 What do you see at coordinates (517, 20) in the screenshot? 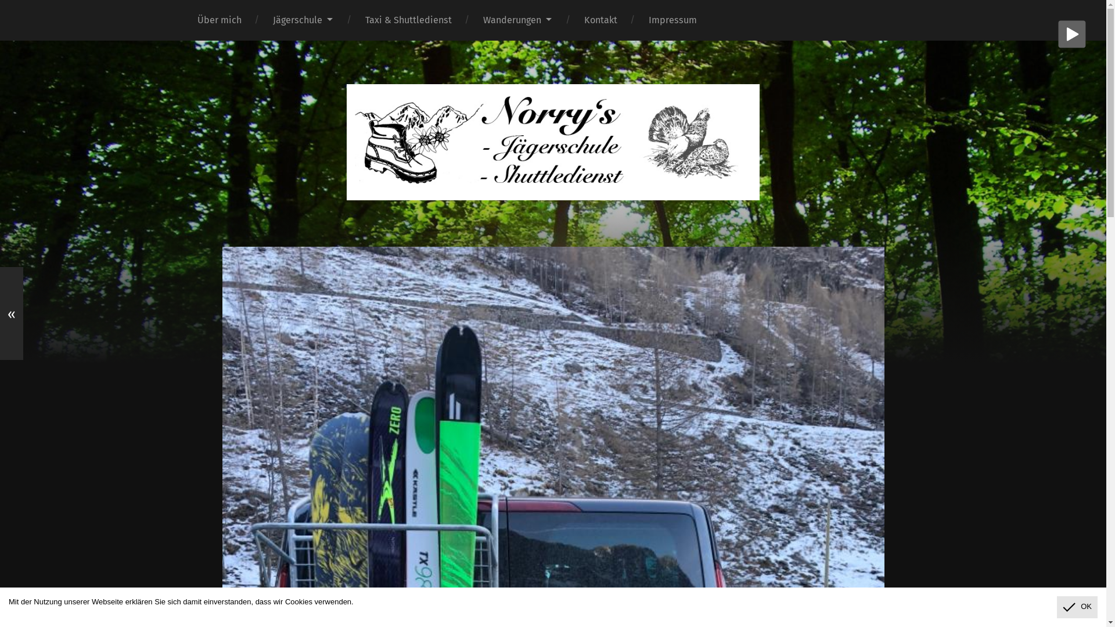
I see `'Wanderungen'` at bounding box center [517, 20].